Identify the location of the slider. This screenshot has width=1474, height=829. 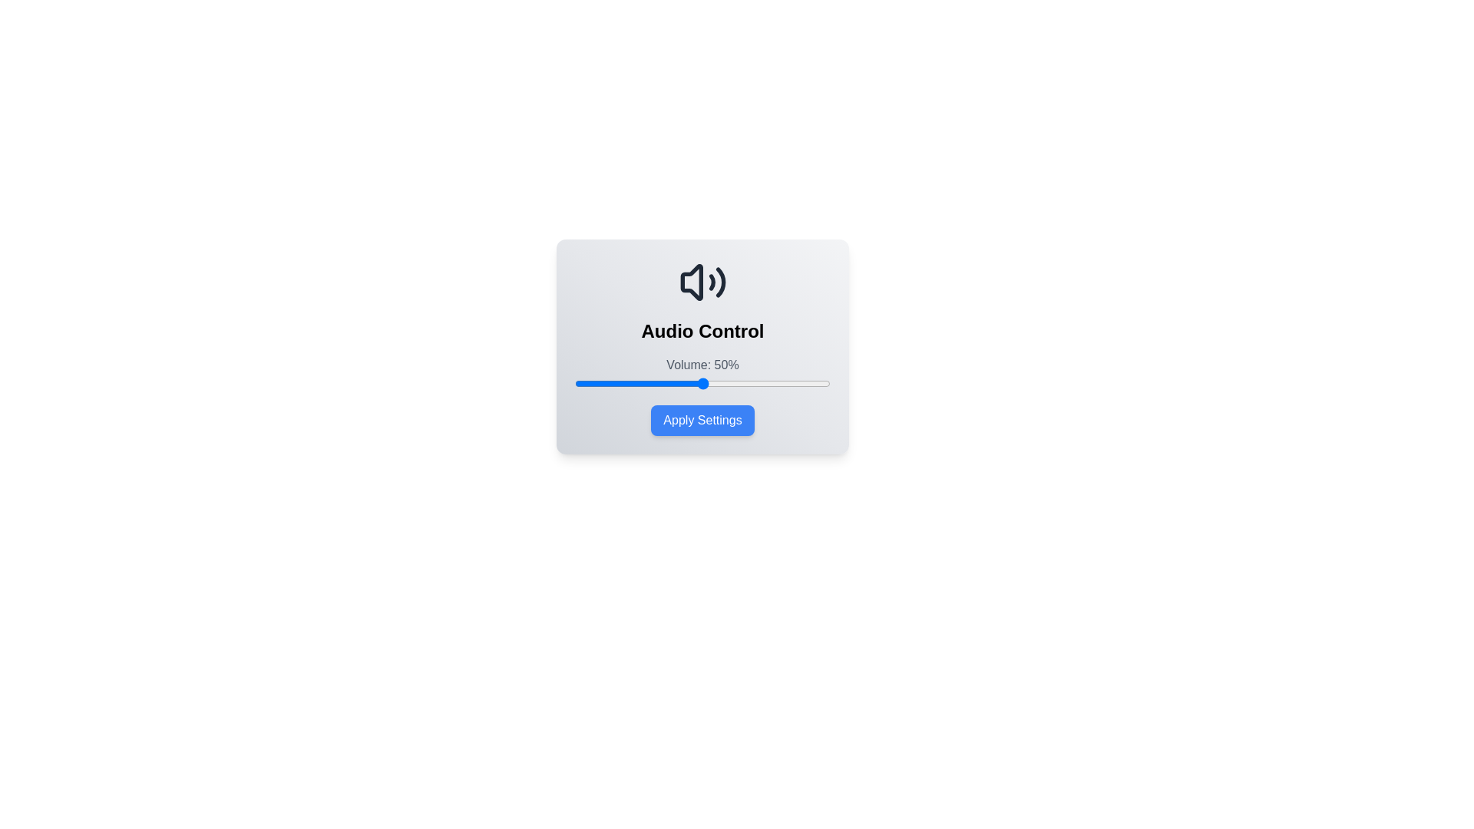
(743, 383).